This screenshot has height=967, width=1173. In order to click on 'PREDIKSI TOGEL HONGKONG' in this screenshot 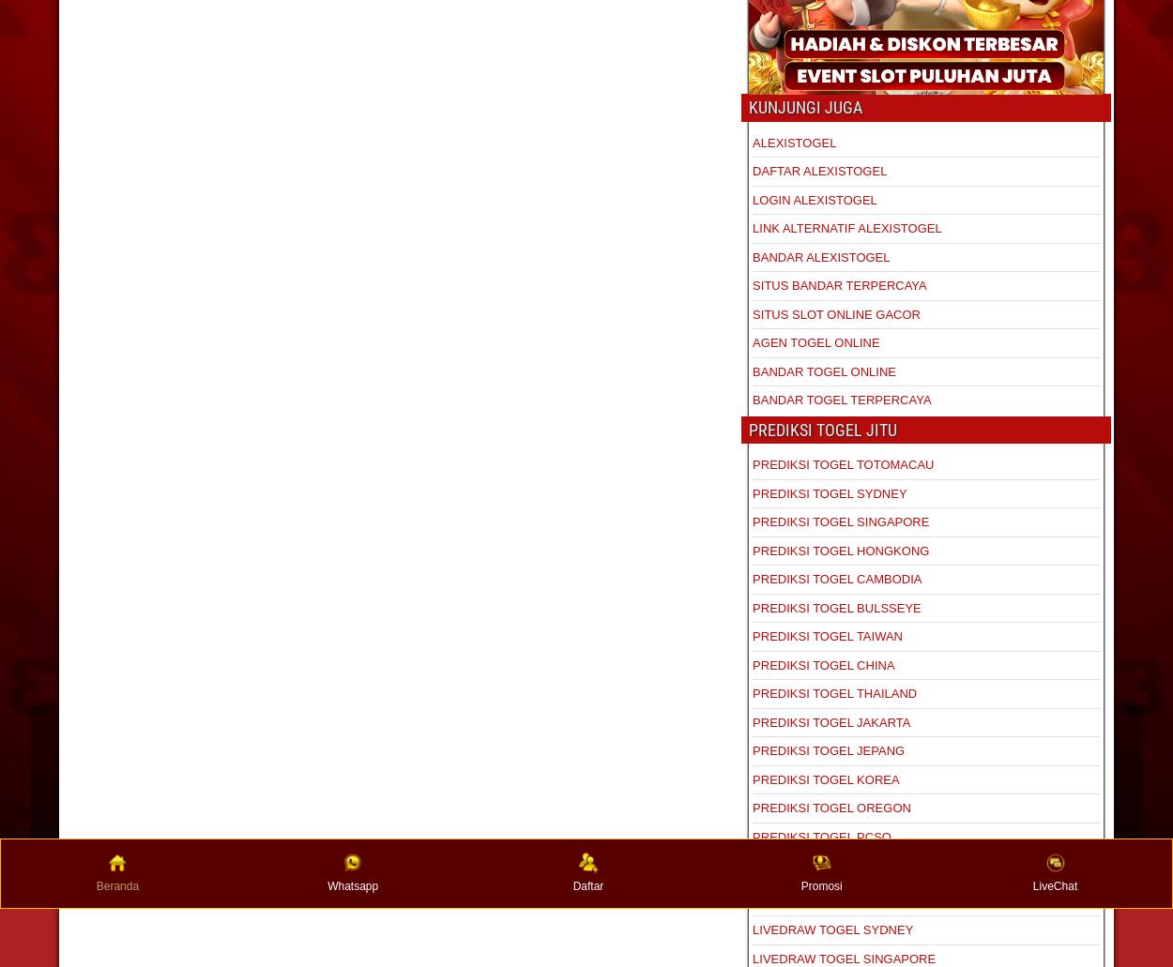, I will do `click(841, 549)`.